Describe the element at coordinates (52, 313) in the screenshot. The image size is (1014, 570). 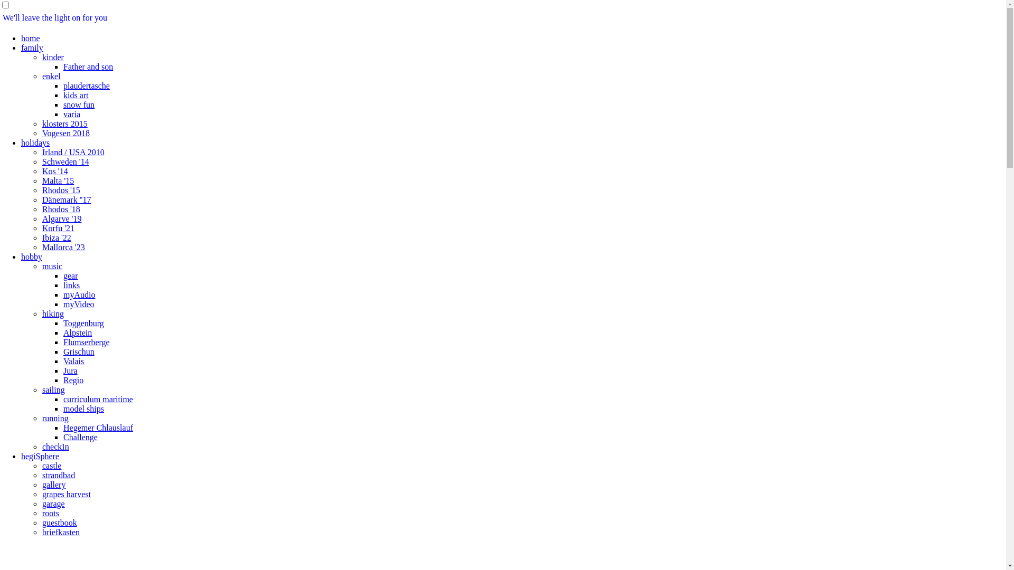
I see `'hiking'` at that location.